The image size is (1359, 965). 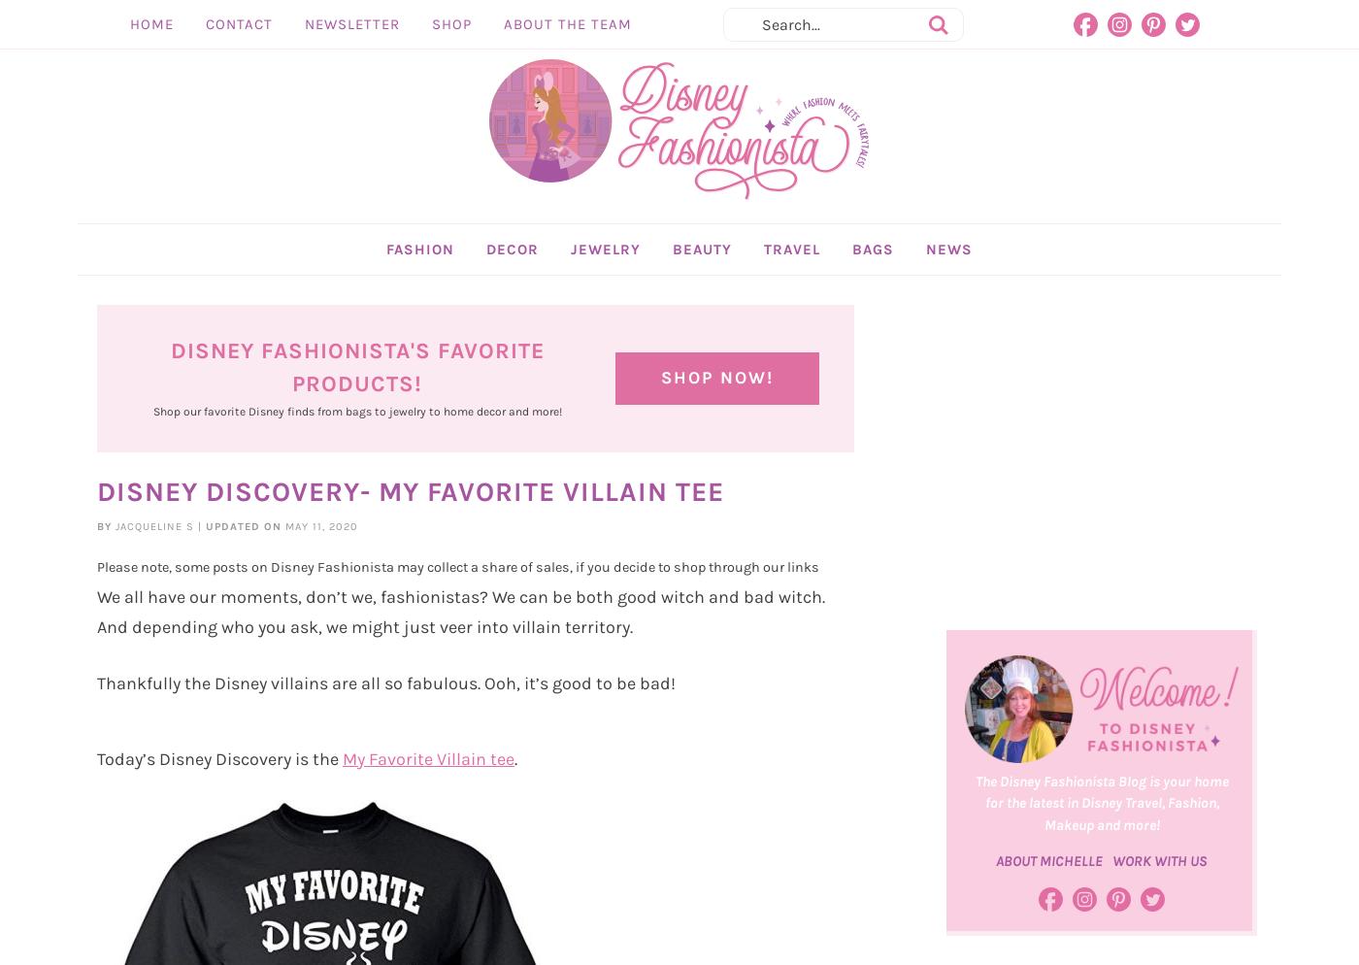 What do you see at coordinates (420, 292) in the screenshot?
I see `'FASHION'` at bounding box center [420, 292].